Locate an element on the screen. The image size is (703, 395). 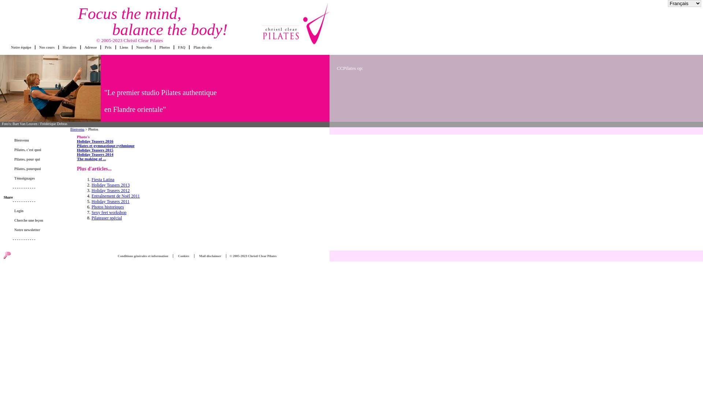
'Liens' is located at coordinates (124, 47).